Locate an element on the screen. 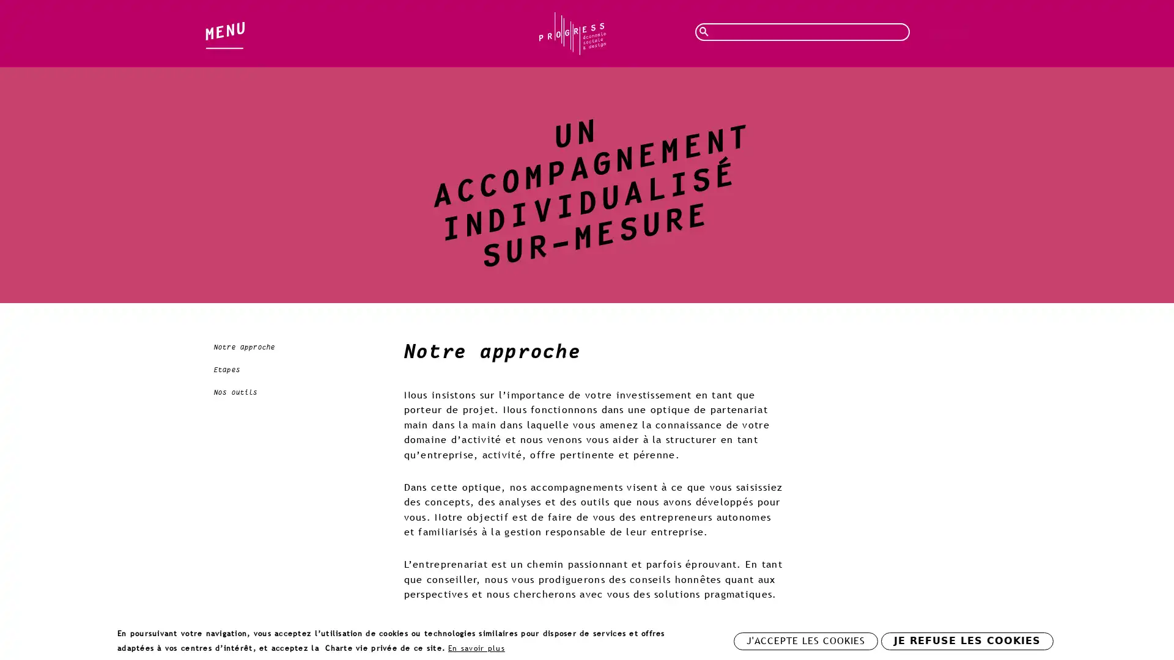 This screenshot has height=660, width=1174. En savoir plus is located at coordinates (475, 647).